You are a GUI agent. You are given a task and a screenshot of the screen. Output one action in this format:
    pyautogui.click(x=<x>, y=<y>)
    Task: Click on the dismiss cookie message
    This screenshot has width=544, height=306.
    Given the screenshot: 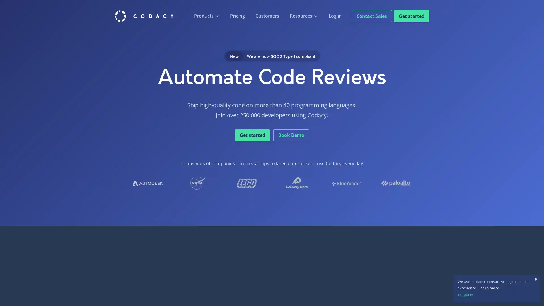 What is the action you would take?
    pyautogui.click(x=536, y=279)
    